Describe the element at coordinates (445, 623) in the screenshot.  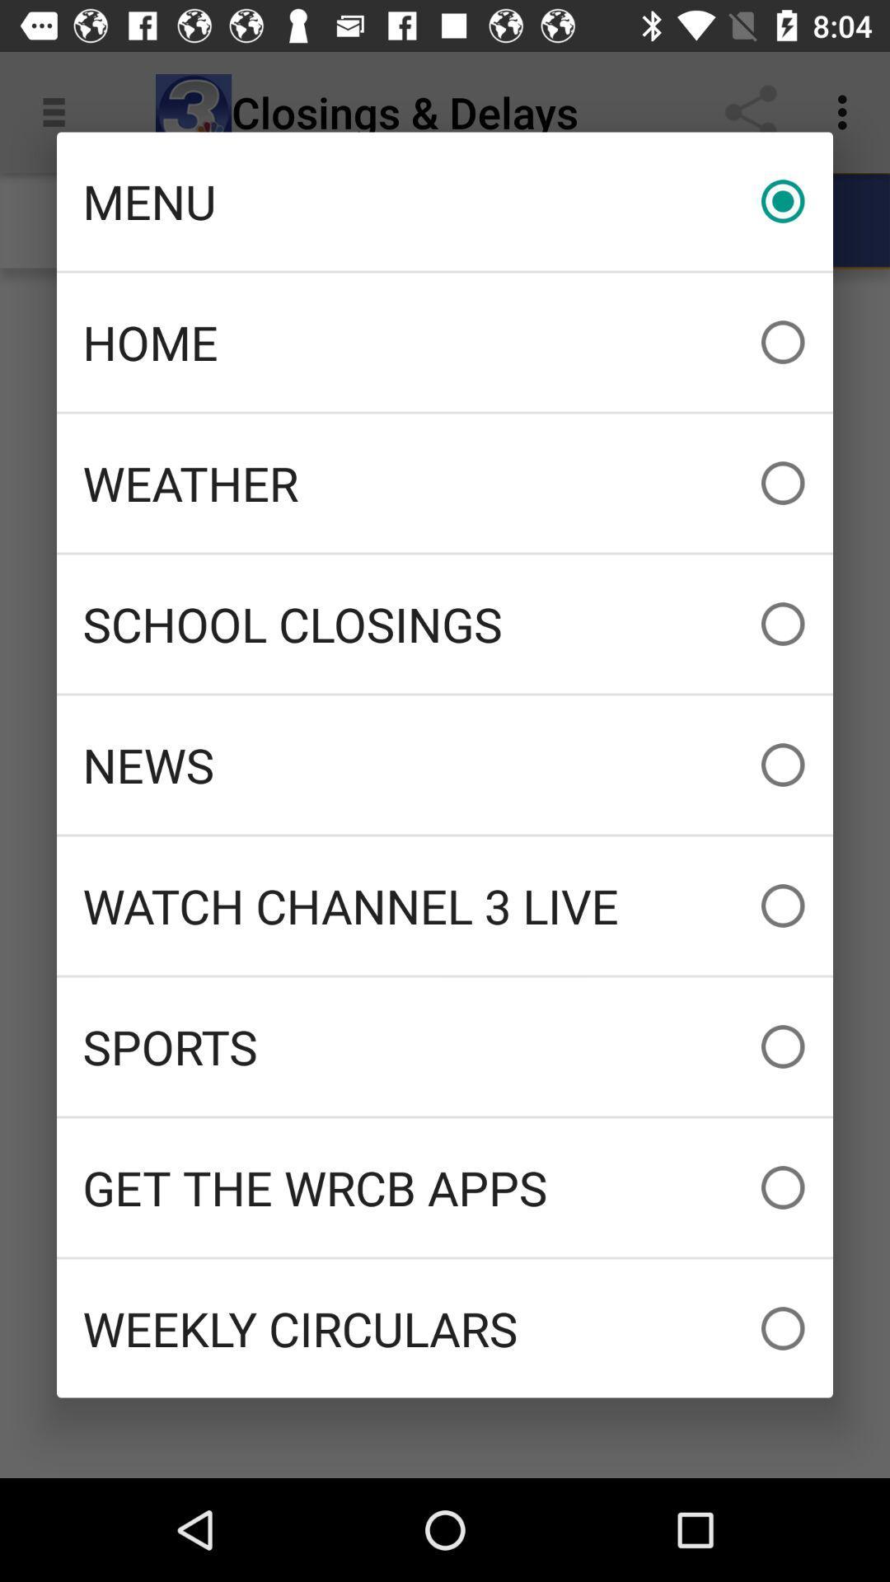
I see `the school closings icon` at that location.